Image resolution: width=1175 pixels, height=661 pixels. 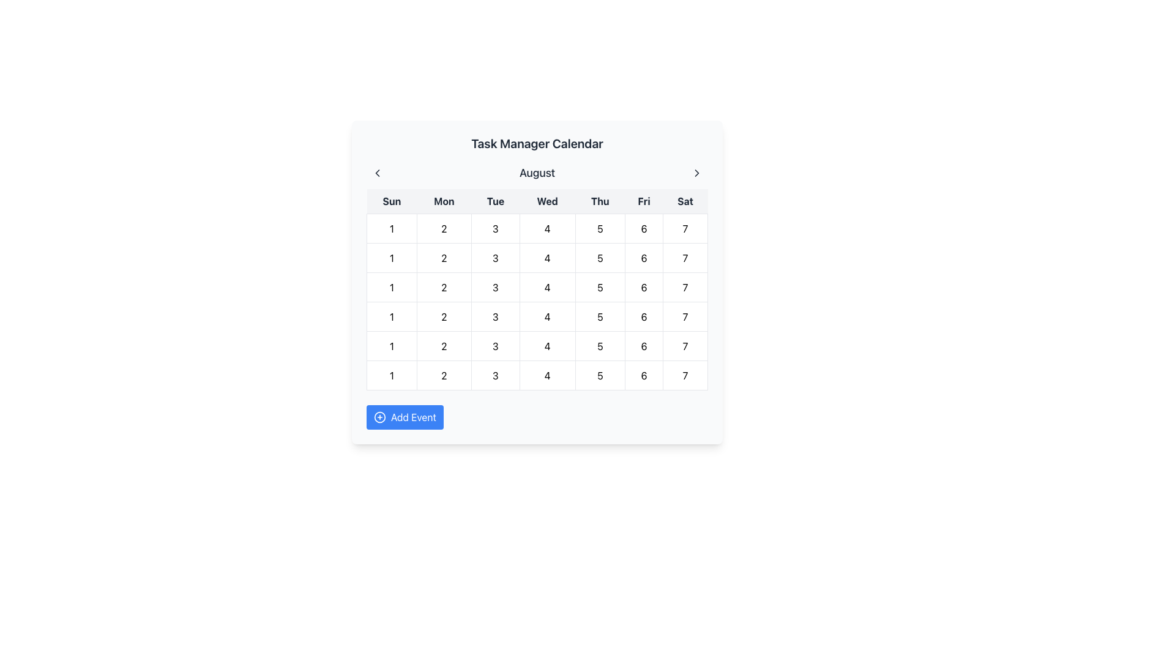 What do you see at coordinates (377, 173) in the screenshot?
I see `the chevron left icon button located in the upper-left section of the calendar interface` at bounding box center [377, 173].